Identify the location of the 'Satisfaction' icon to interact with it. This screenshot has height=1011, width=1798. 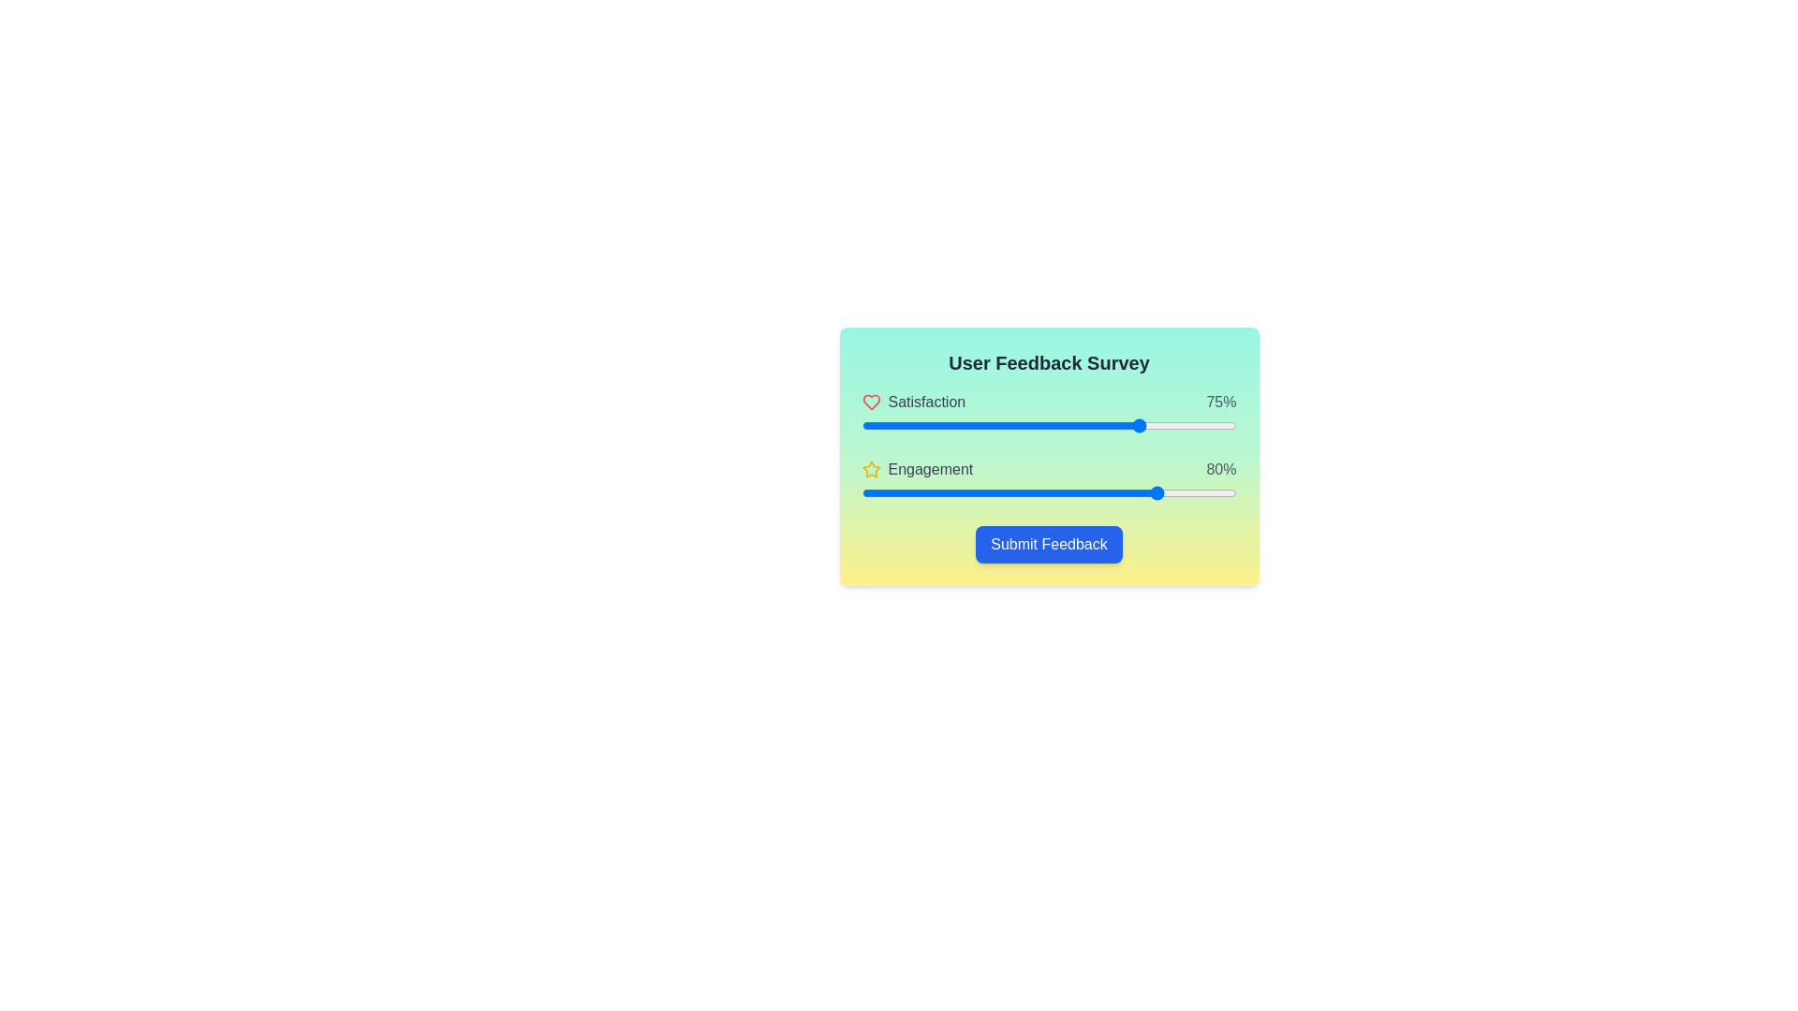
(870, 401).